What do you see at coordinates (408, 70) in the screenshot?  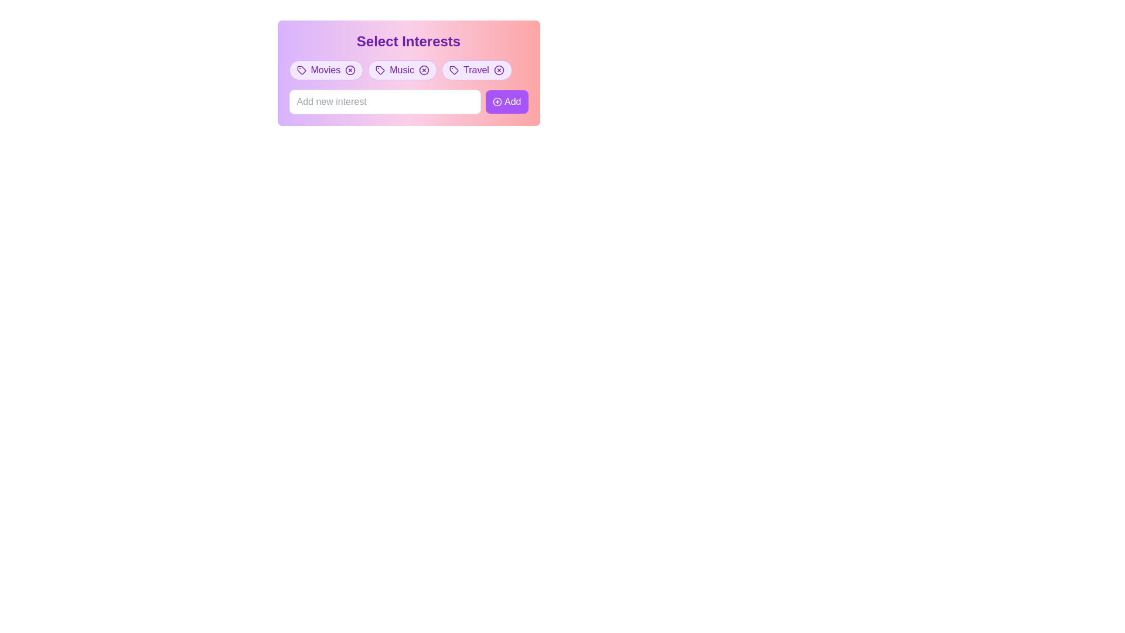 I see `the 'Music' tag, which is the second tag in the row below the heading 'Select Interests'` at bounding box center [408, 70].